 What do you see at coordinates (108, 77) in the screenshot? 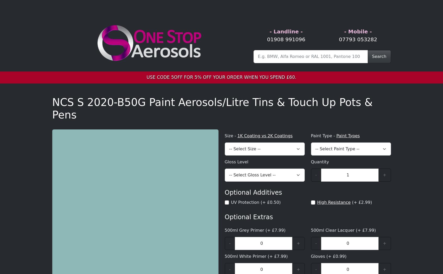
I see `'140-185-183'` at bounding box center [108, 77].